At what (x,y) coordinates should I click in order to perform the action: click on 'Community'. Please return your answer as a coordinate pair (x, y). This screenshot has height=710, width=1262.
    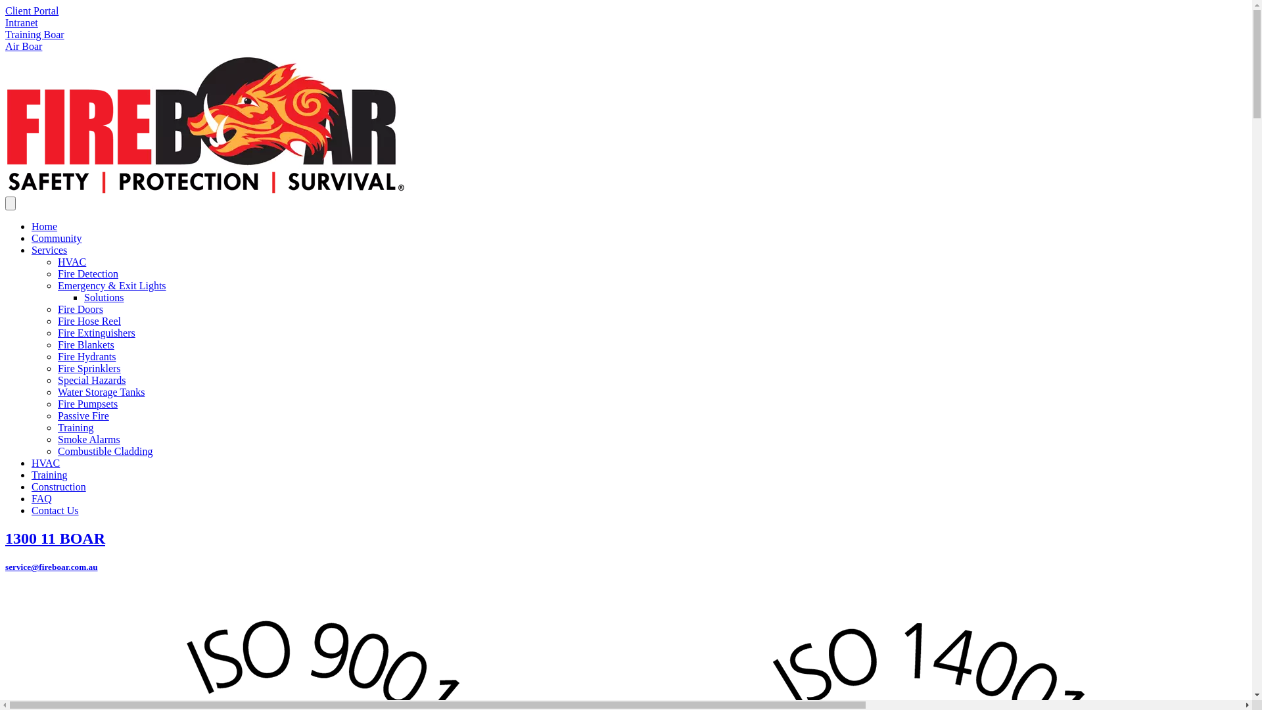
    Looking at the image, I should click on (32, 238).